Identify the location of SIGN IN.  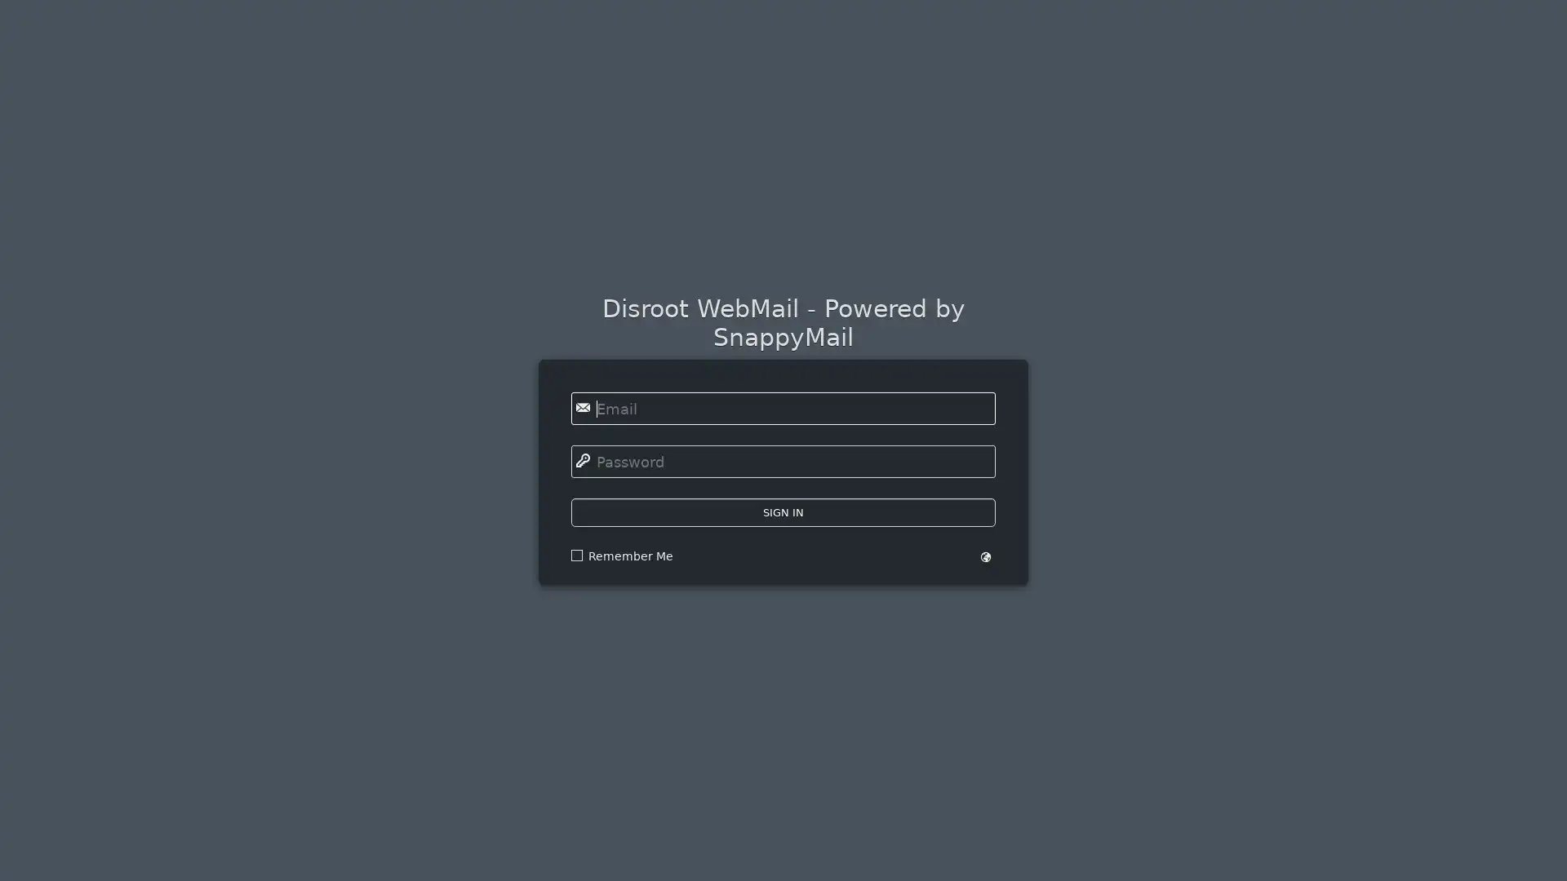
(783, 511).